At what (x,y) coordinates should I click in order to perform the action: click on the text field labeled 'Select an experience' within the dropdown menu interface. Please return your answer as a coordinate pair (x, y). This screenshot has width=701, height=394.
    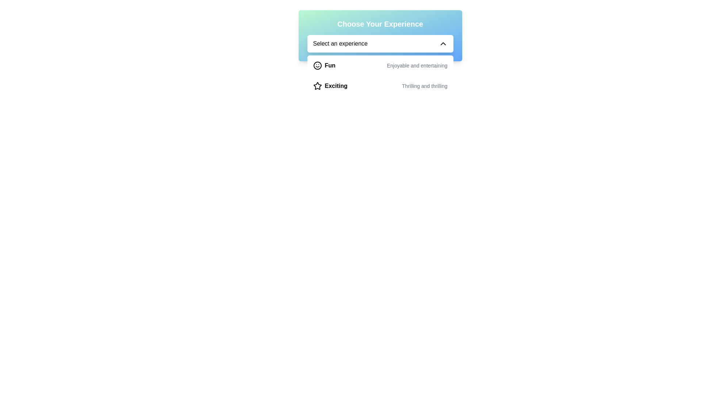
    Looking at the image, I should click on (340, 43).